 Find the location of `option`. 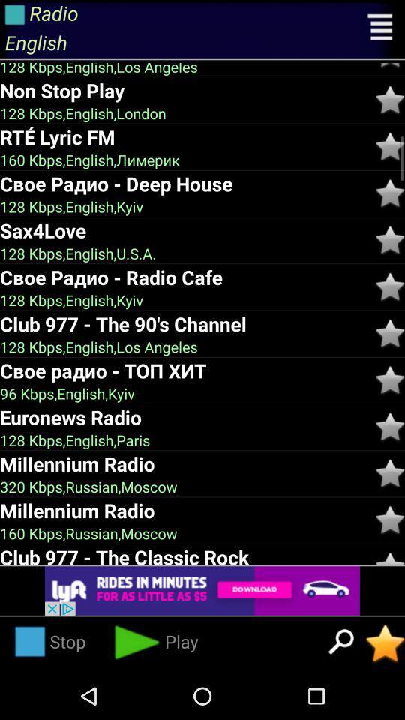

option is located at coordinates (390, 65).